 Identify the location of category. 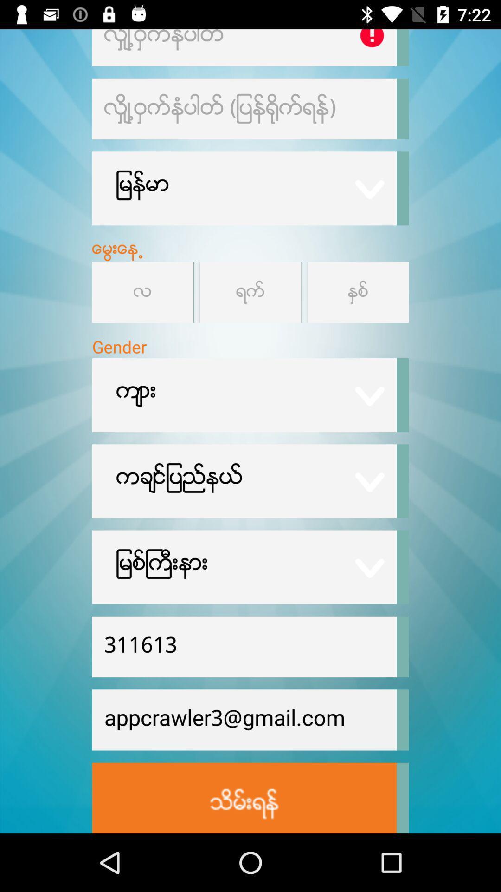
(250, 292).